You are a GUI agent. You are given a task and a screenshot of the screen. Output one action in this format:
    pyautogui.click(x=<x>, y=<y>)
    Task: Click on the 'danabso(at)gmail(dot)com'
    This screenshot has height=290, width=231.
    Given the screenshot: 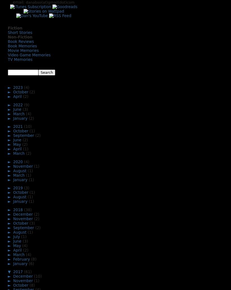 What is the action you would take?
    pyautogui.click(x=50, y=2)
    